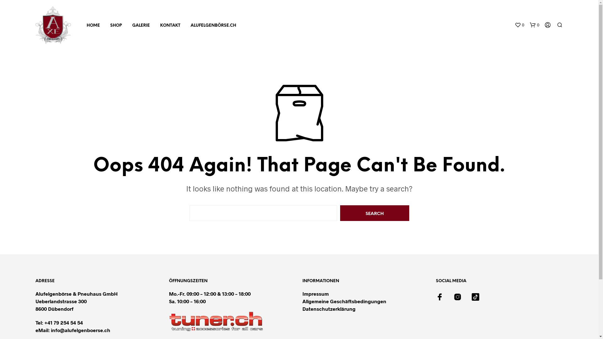 Image resolution: width=603 pixels, height=339 pixels. Describe the element at coordinates (93, 25) in the screenshot. I see `'HOME'` at that location.